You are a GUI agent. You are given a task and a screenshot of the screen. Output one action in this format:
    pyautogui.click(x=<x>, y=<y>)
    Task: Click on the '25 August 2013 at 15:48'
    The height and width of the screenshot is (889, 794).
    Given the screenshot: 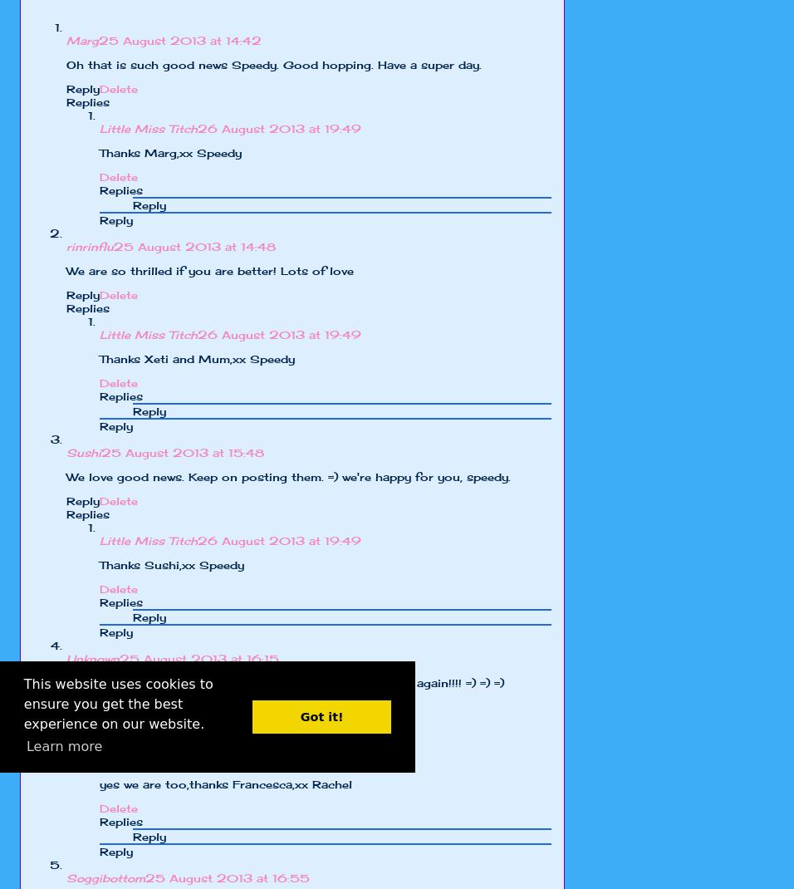 What is the action you would take?
    pyautogui.click(x=182, y=451)
    